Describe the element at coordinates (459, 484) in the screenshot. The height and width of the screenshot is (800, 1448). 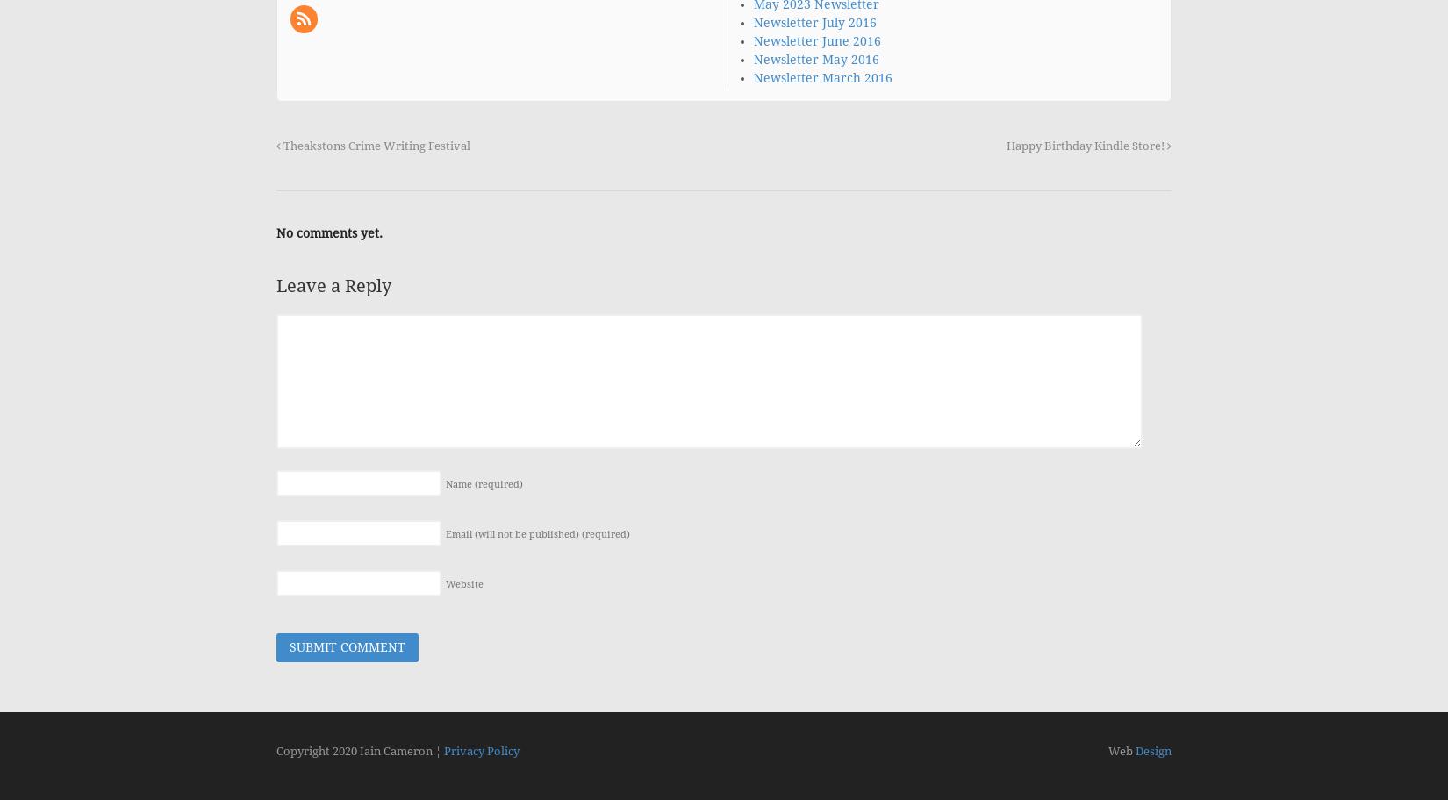
I see `'Name'` at that location.